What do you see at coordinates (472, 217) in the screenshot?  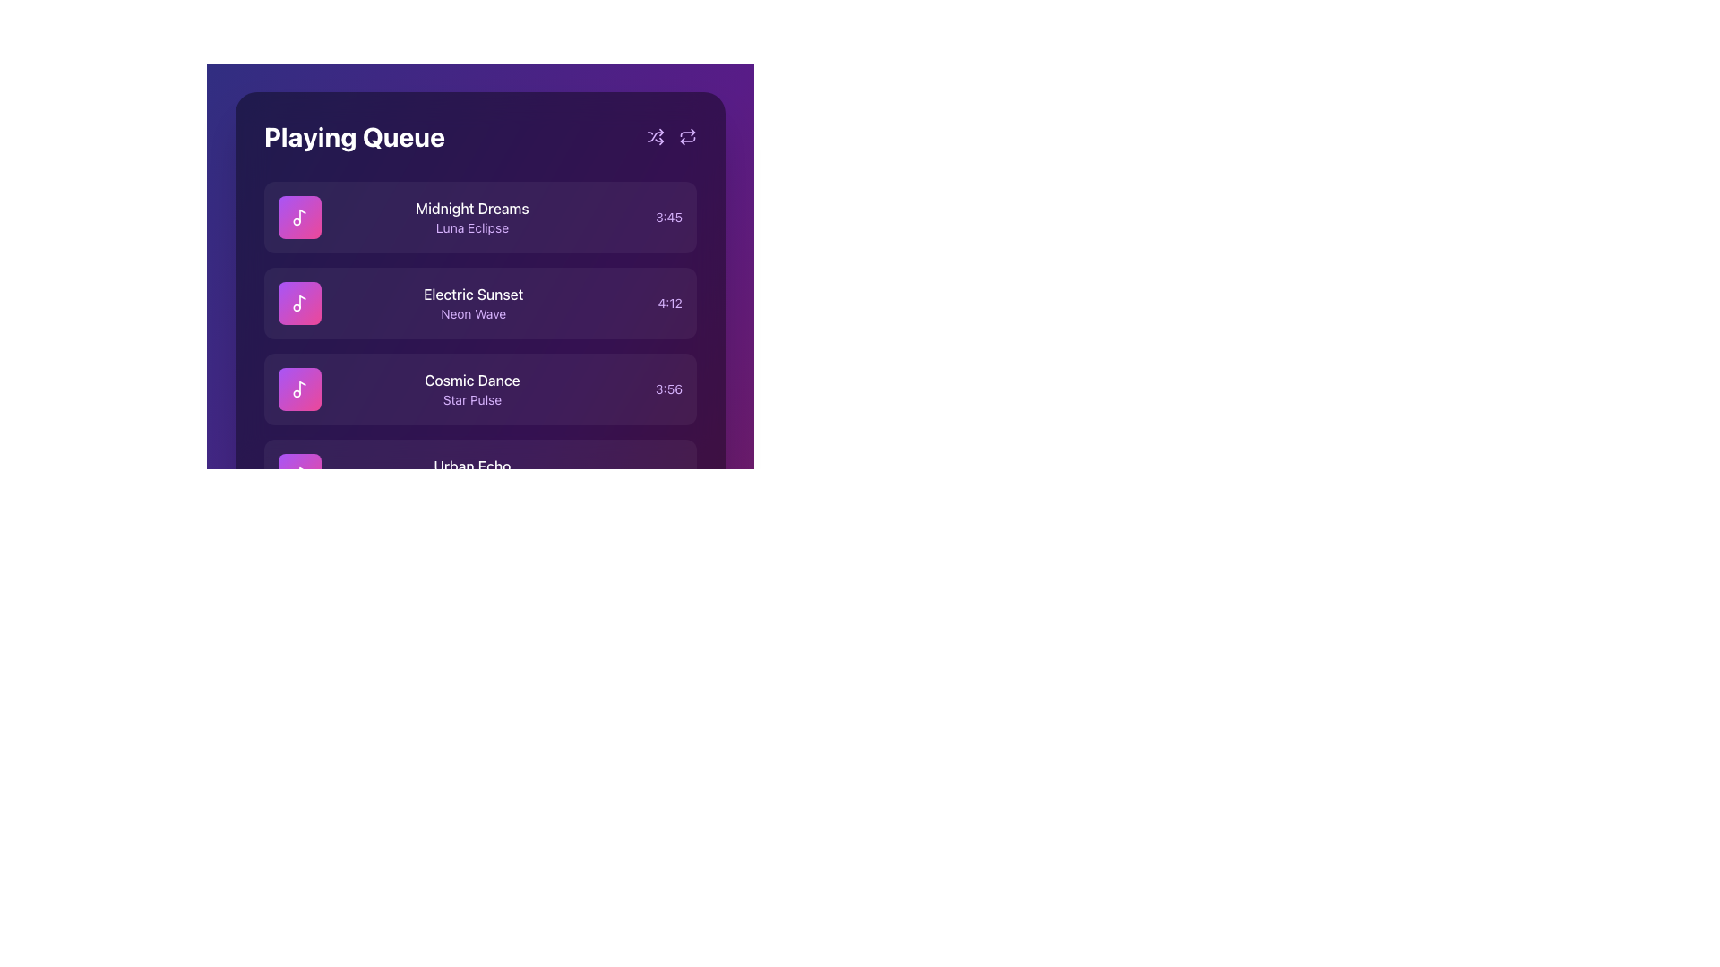 I see `text content displayed in the Text block for the song title 'Midnight Dreams' and its subtitle 'Luna Eclipse' located in the first song entry of the Playing Queue interface` at bounding box center [472, 217].